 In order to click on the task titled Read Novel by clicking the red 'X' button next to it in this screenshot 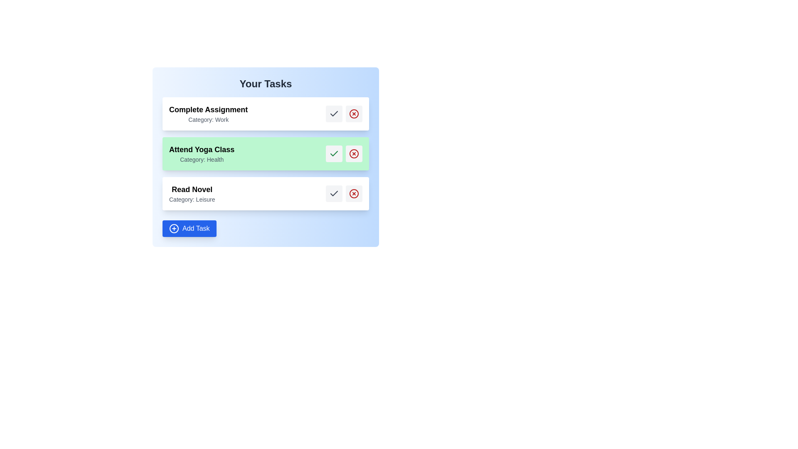, I will do `click(354, 194)`.